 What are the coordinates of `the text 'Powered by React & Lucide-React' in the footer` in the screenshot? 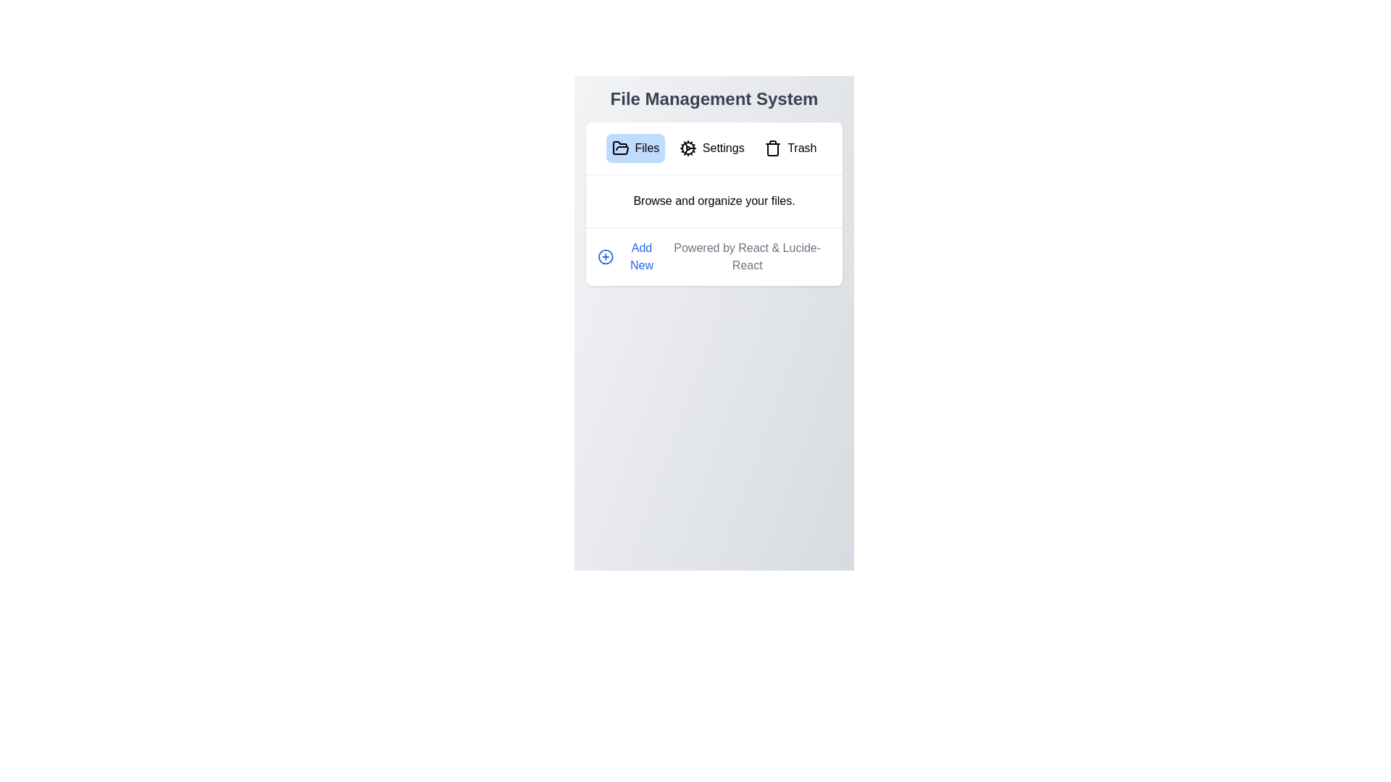 It's located at (747, 256).